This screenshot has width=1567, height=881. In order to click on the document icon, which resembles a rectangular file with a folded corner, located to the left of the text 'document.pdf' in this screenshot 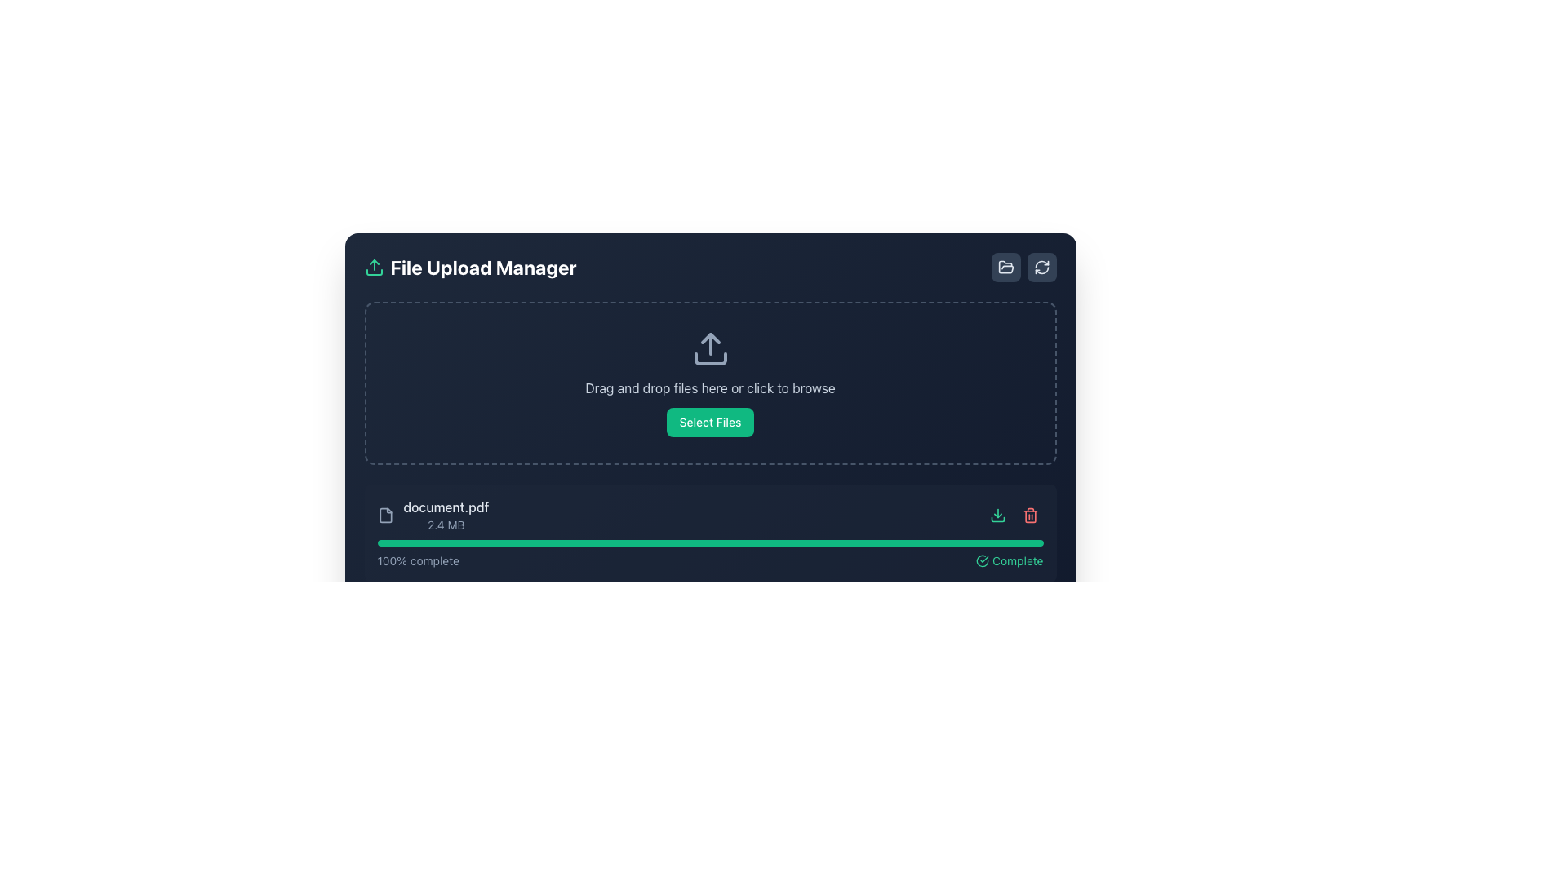, I will do `click(384, 516)`.